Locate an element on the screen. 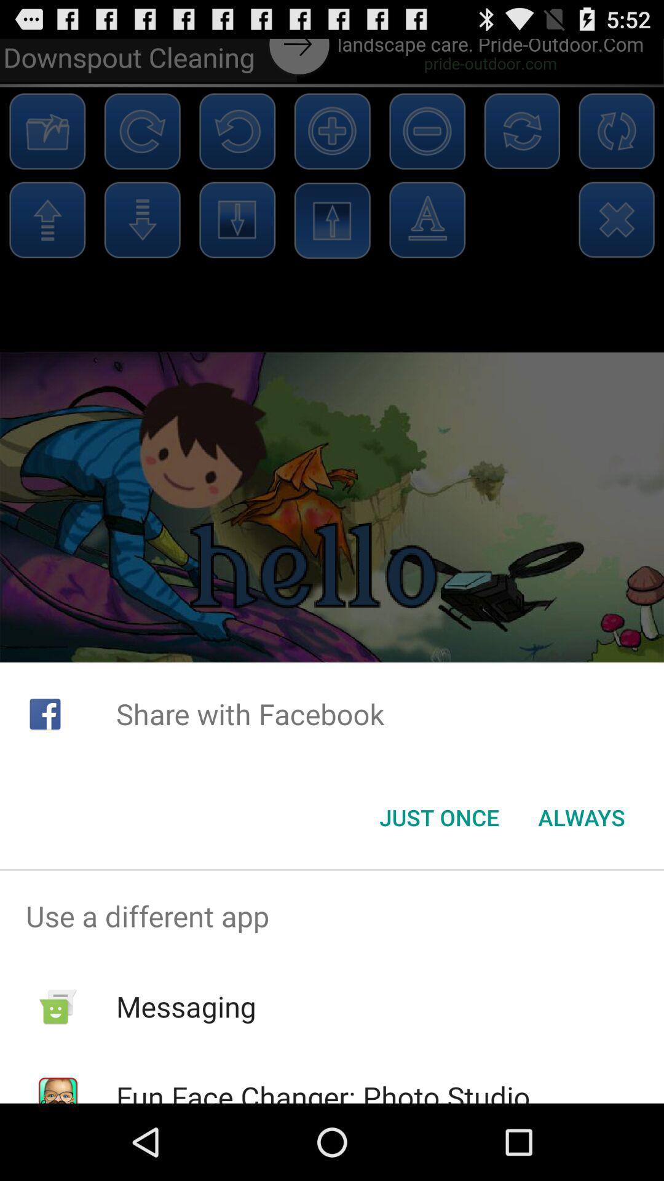 Image resolution: width=664 pixels, height=1181 pixels. the fun face changer icon is located at coordinates (322, 1090).